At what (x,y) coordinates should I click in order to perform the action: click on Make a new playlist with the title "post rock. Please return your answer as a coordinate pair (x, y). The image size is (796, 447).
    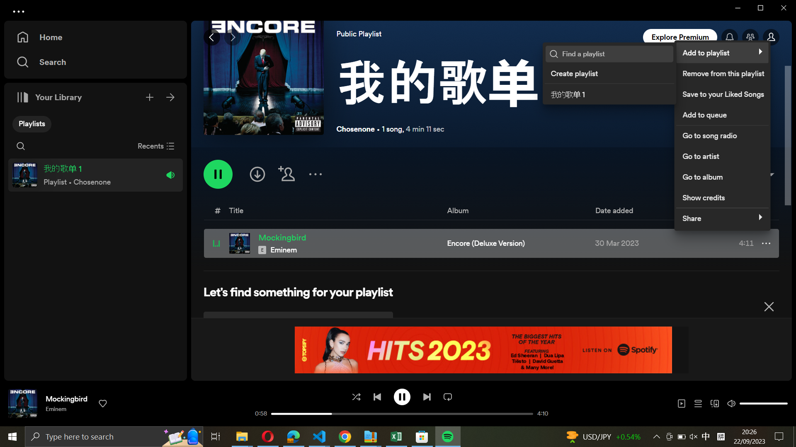
    Looking at the image, I should click on (609, 72).